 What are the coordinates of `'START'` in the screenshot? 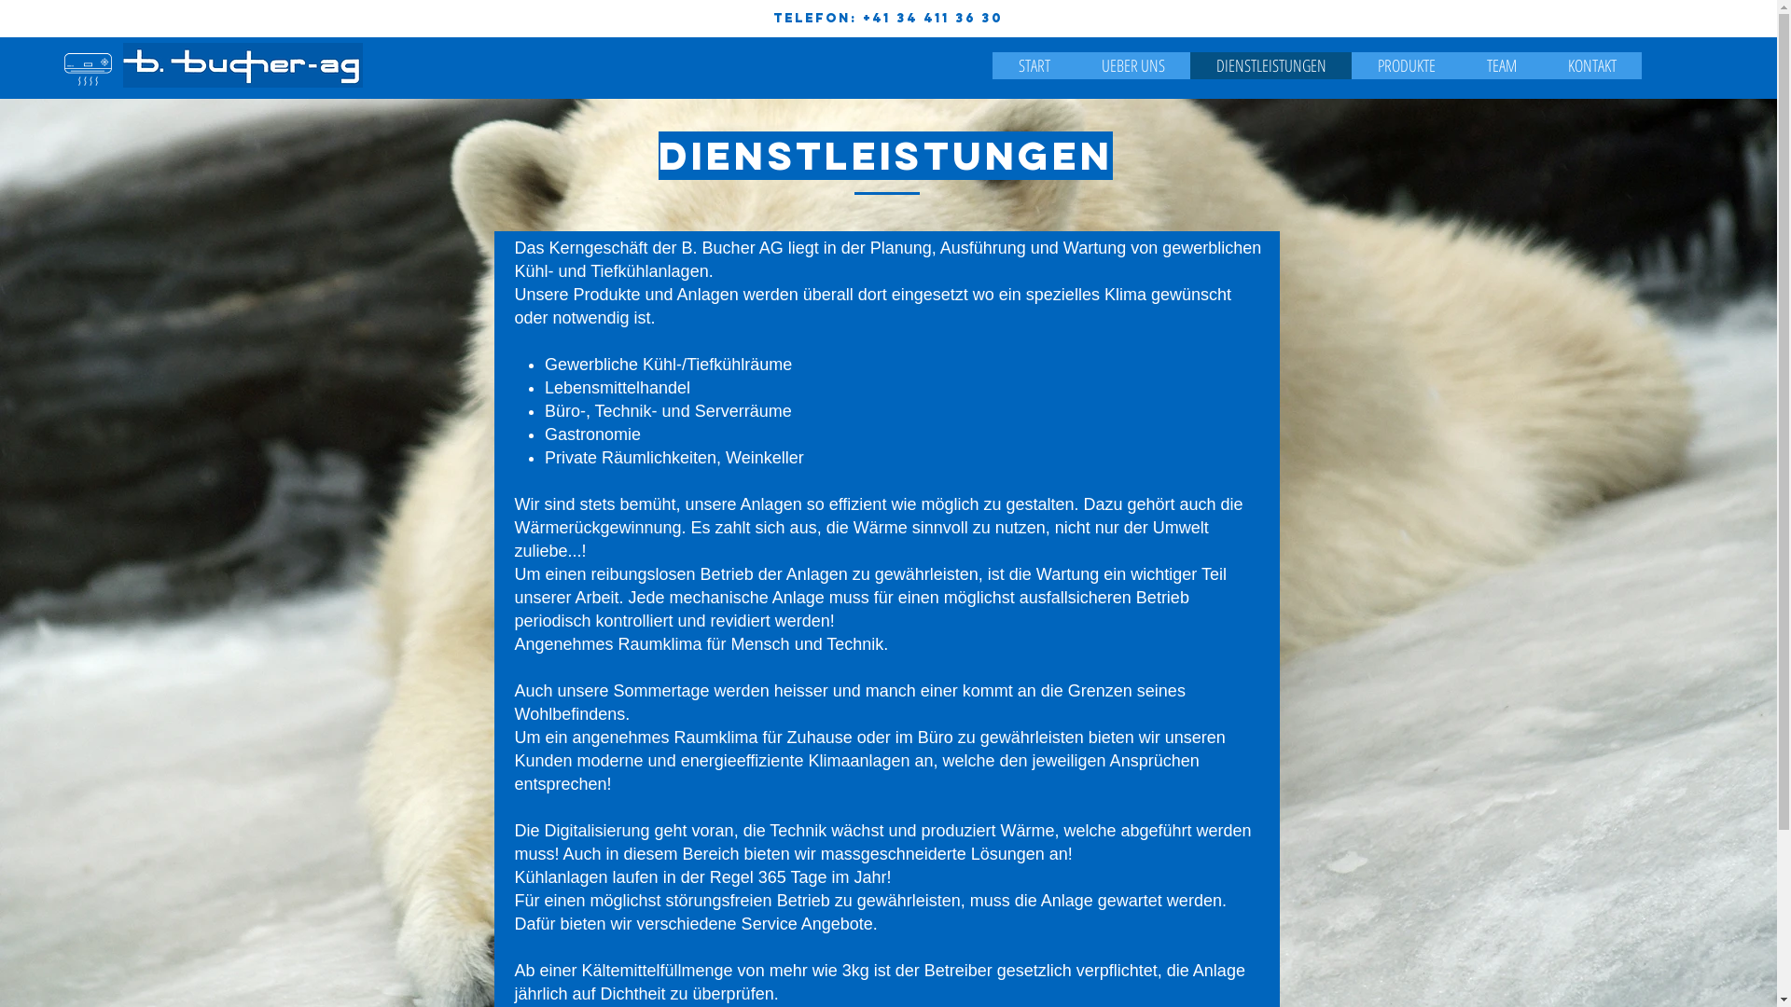 It's located at (1033, 64).